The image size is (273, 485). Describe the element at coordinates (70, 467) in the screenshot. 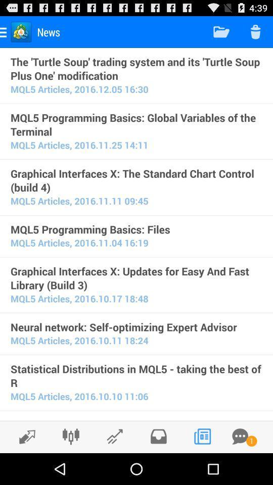

I see `the sliders icon` at that location.